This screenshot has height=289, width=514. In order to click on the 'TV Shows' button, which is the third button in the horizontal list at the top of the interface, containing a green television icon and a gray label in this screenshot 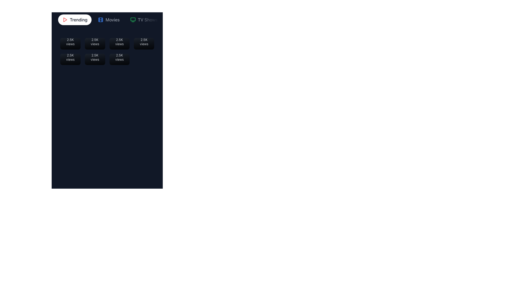, I will do `click(144, 19)`.